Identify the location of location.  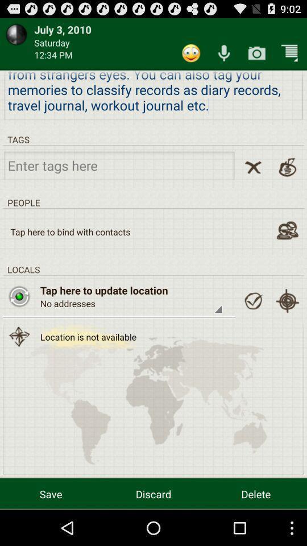
(19, 296).